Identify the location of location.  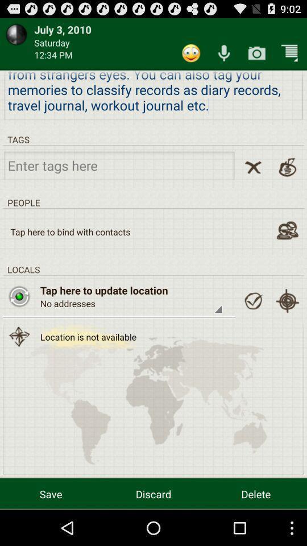
(19, 296).